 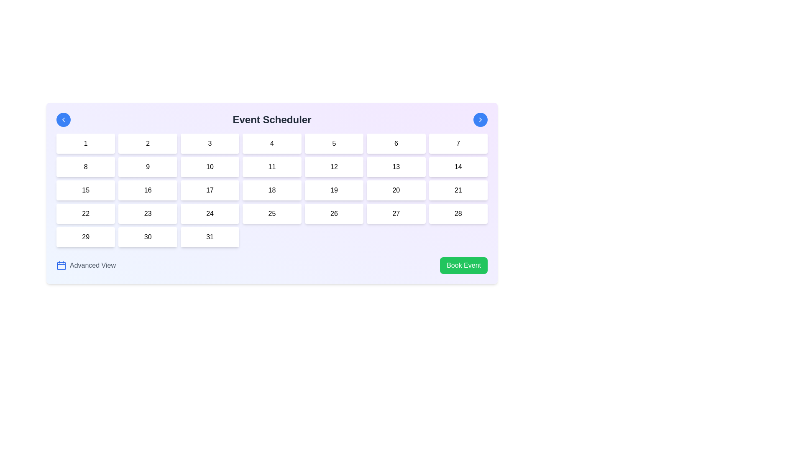 I want to click on the first button in the calendar interface grid, which indicates the first day of a month, so click(x=86, y=143).